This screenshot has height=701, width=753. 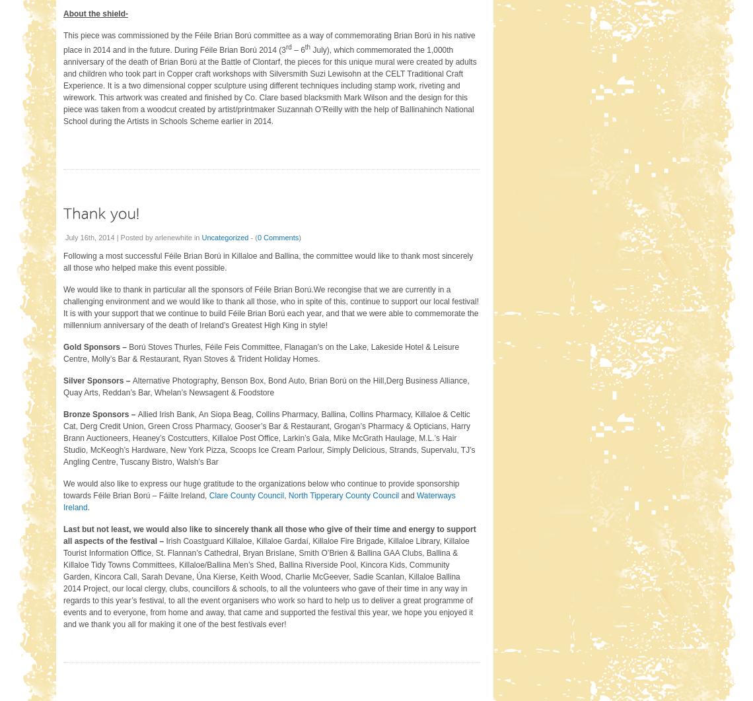 What do you see at coordinates (269, 533) in the screenshot?
I see `'Last but not least, we would also like to sincerely thank all those who give of their time and energy to support all aspects of the festival –'` at bounding box center [269, 533].